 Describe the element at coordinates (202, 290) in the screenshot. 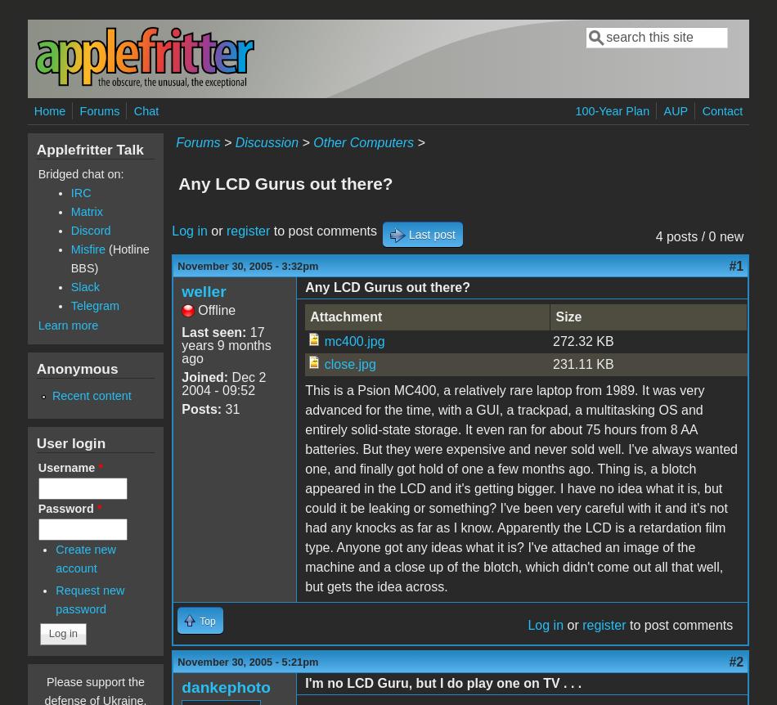

I see `'weller'` at that location.